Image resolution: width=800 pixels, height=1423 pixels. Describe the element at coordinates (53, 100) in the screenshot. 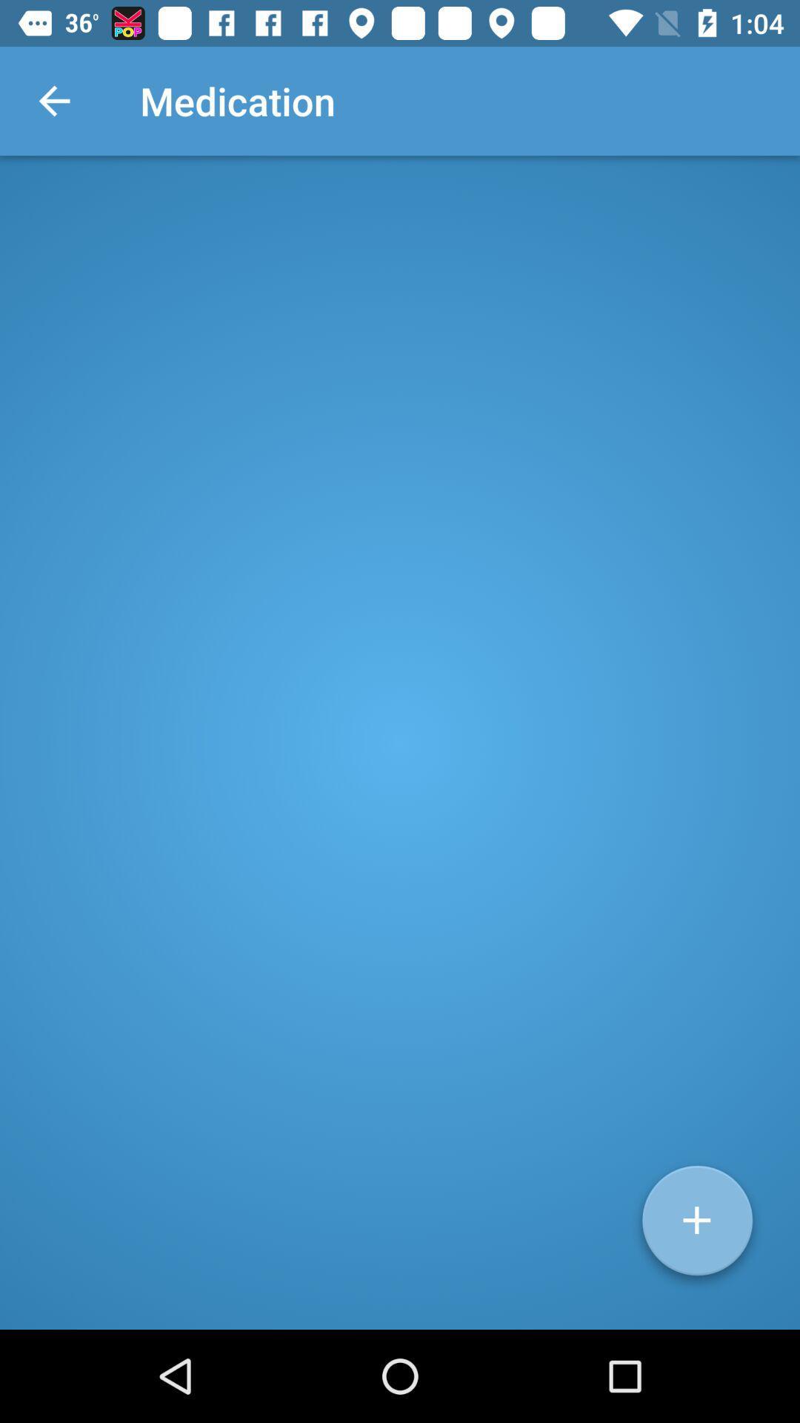

I see `icon to the left of the medication` at that location.